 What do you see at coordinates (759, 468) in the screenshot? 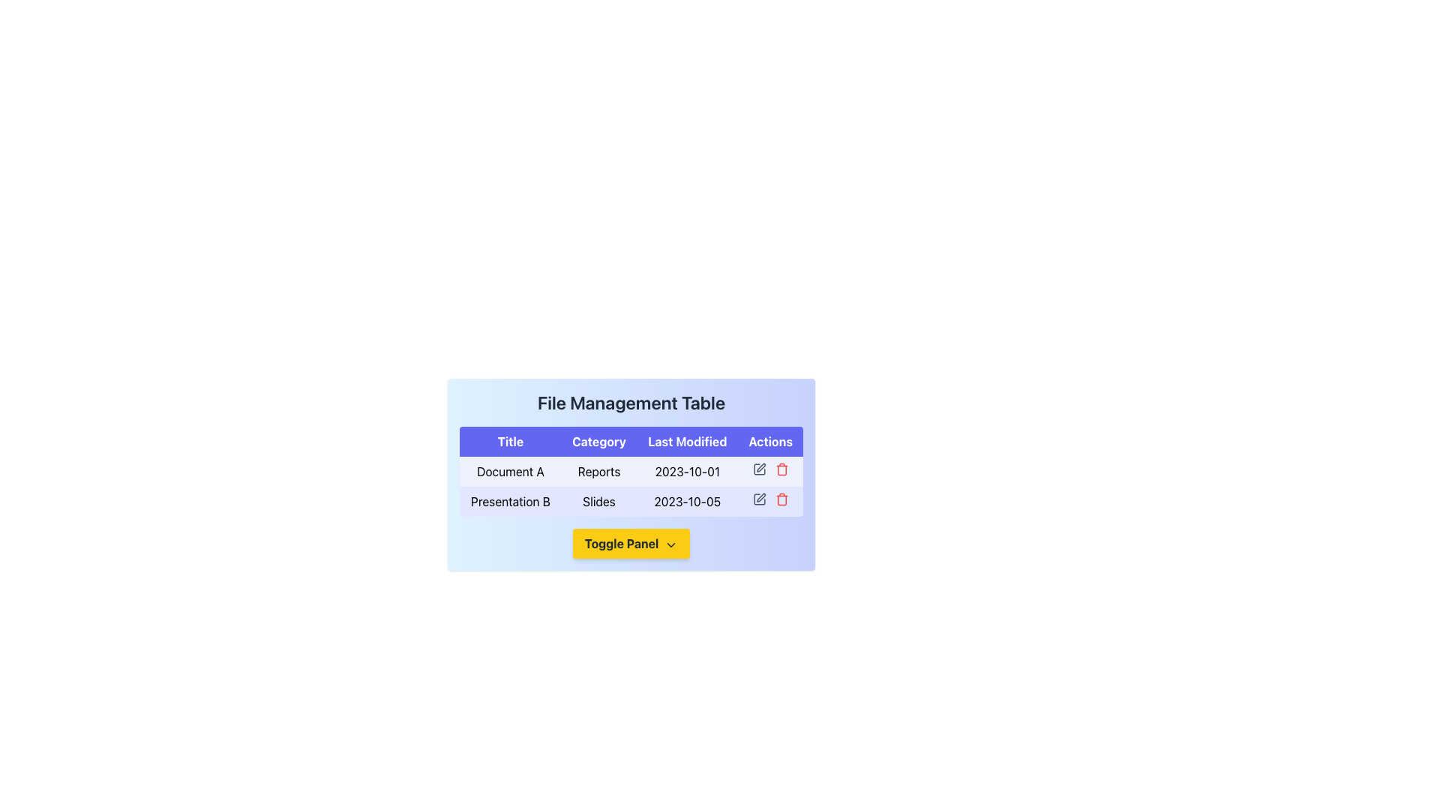
I see `the edit button represented by a pencil icon in the 'Actions' column of the second row entry ('Presentation B') to change its color to indigo` at bounding box center [759, 468].